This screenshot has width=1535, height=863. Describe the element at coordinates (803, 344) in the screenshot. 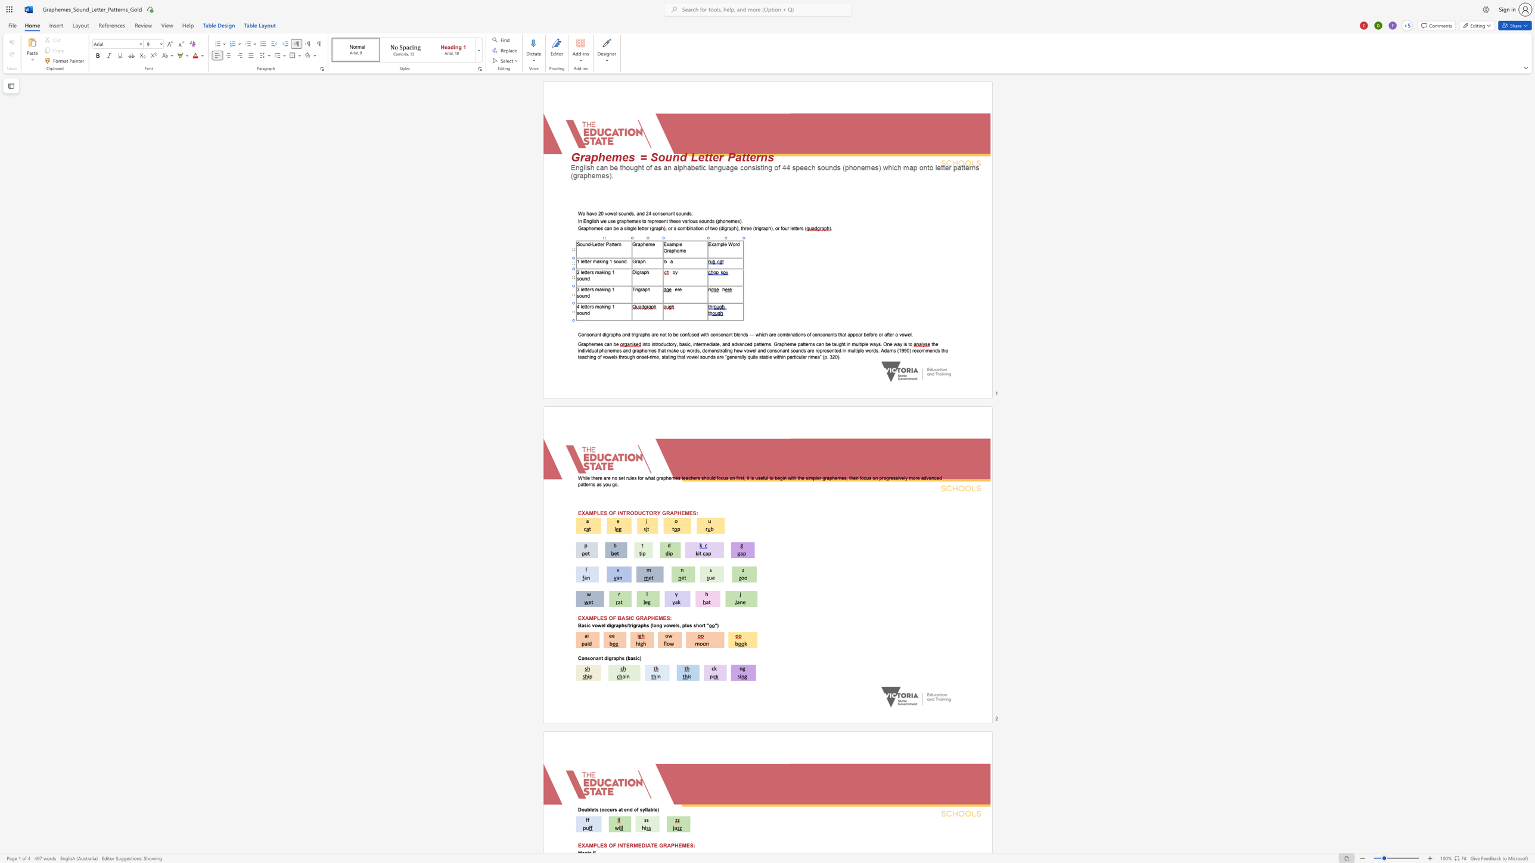

I see `the 8th character "t" in the text` at that location.